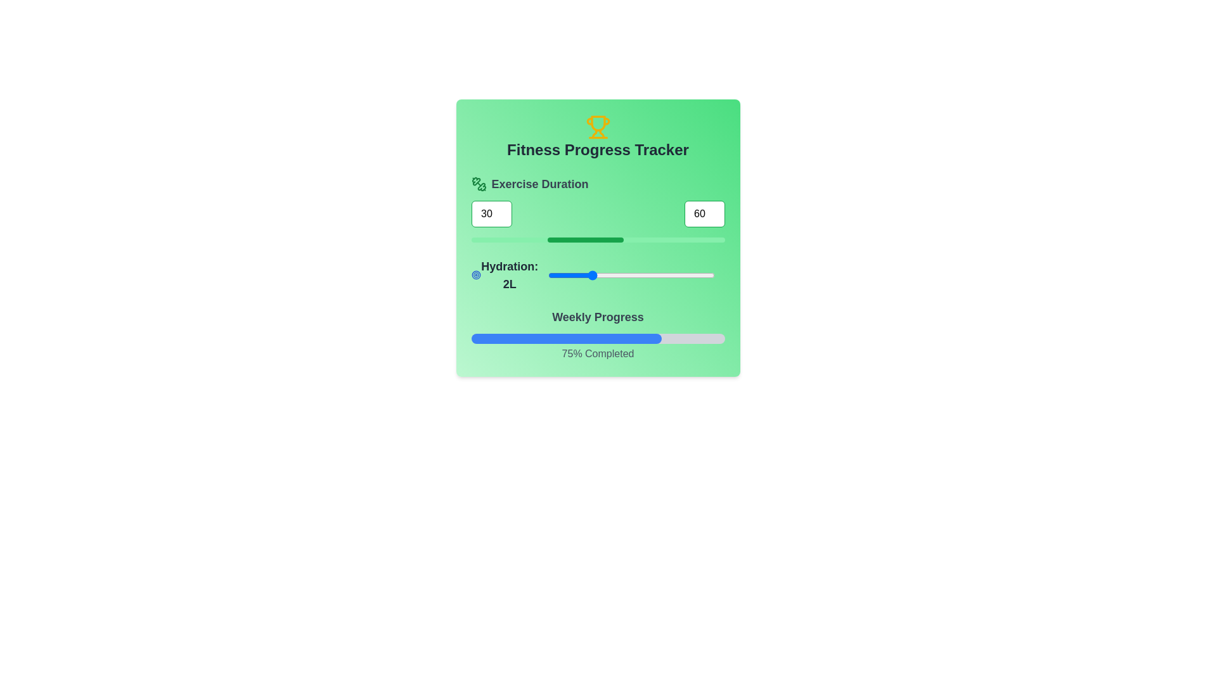 The width and height of the screenshot is (1217, 684). I want to click on the decorative fitness icon located to the left of the 'Exercise Duration' text in the green header panel of the Fitness Progress Tracker interface, so click(478, 184).